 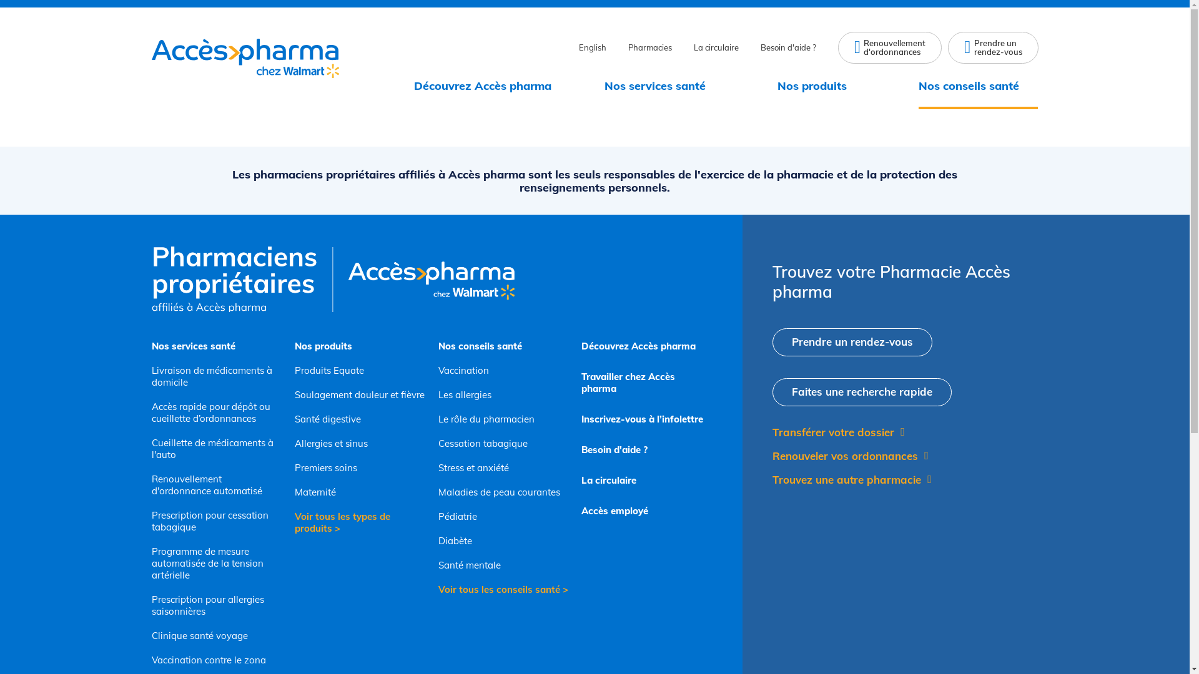 What do you see at coordinates (821, 85) in the screenshot?
I see `'Nos produits'` at bounding box center [821, 85].